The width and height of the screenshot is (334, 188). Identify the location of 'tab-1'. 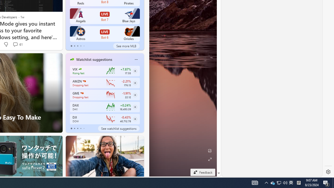
(74, 128).